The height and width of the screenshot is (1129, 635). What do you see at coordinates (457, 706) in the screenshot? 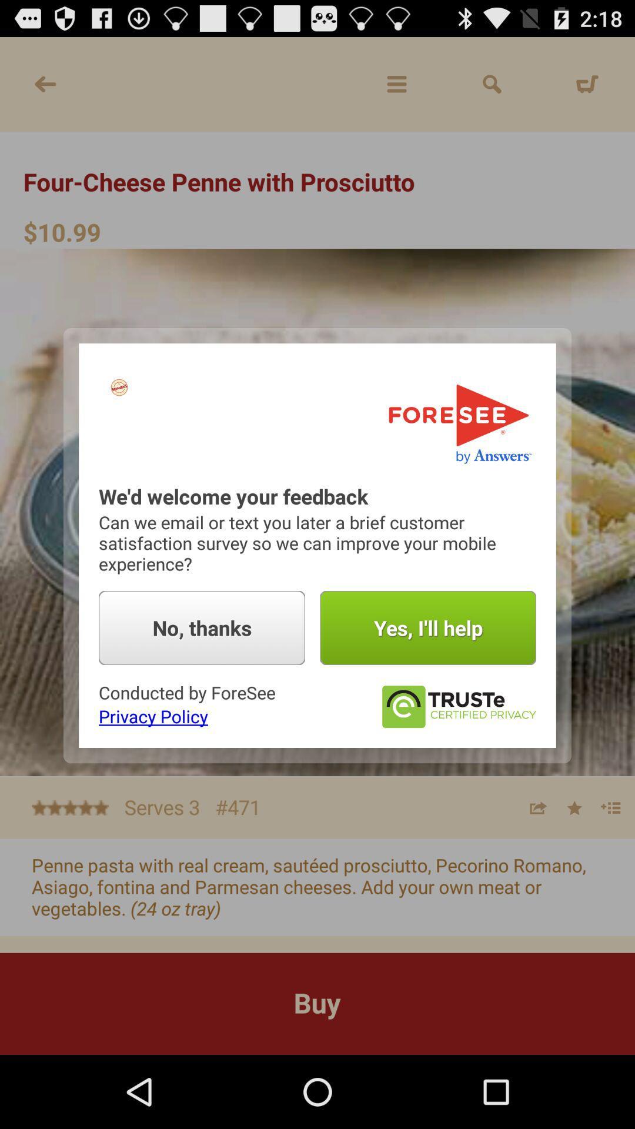
I see `open link` at bounding box center [457, 706].